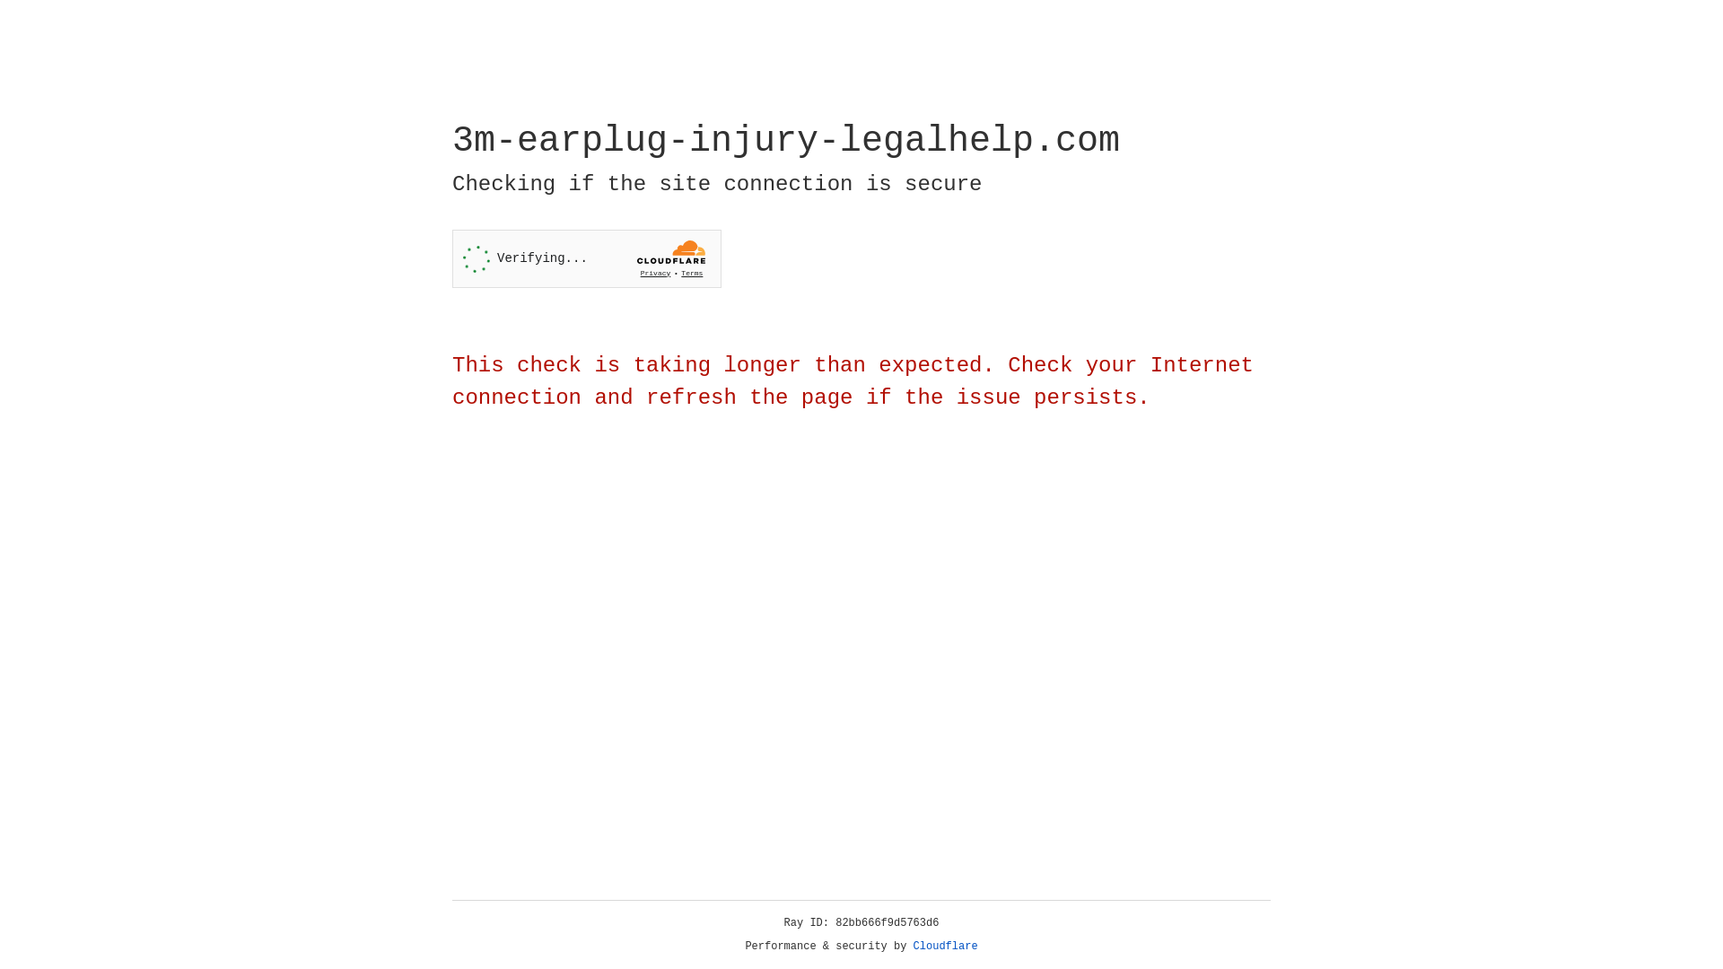  Describe the element at coordinates (945, 946) in the screenshot. I see `'Cloudflare'` at that location.